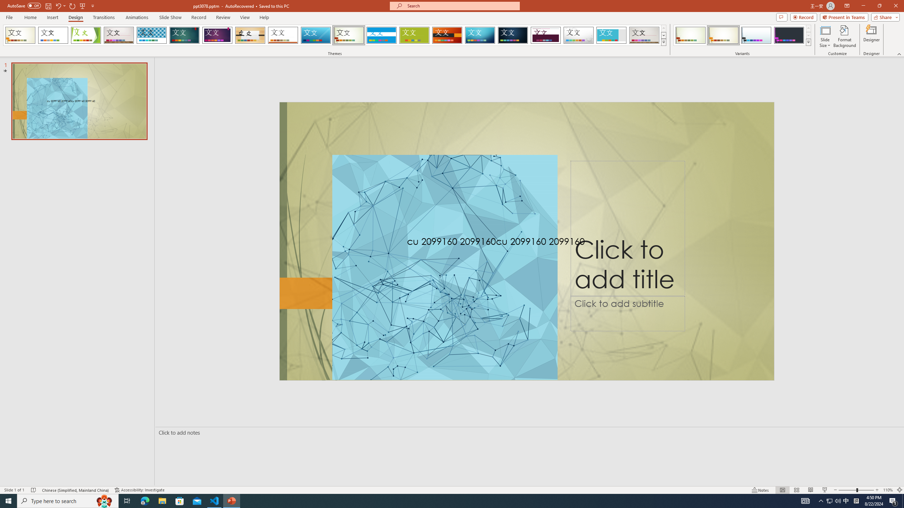  What do you see at coordinates (546, 35) in the screenshot?
I see `'Dividend Loading Preview...'` at bounding box center [546, 35].